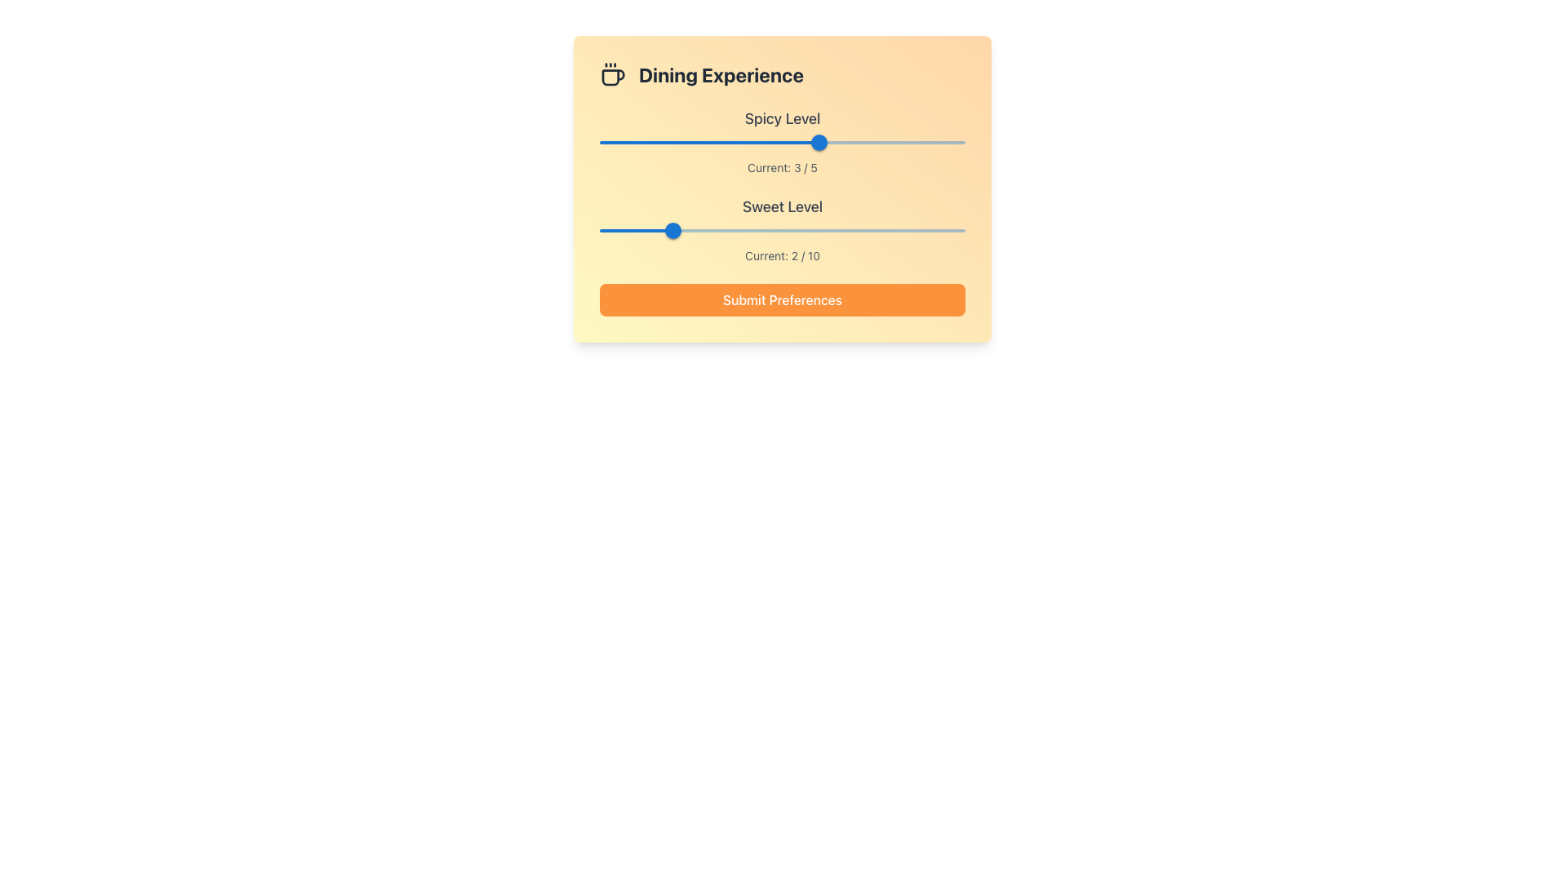  I want to click on slider, so click(676, 230).